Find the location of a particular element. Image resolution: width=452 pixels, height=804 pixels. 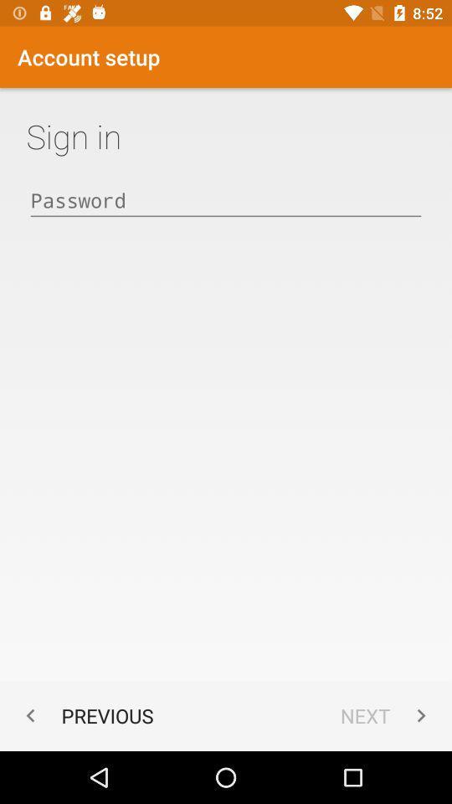

previous app is located at coordinates (85, 714).